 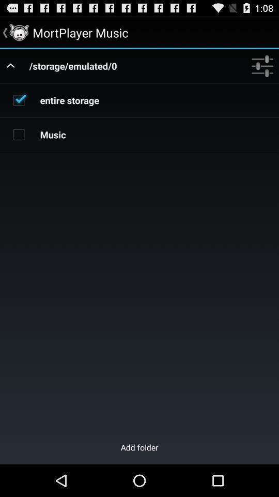 What do you see at coordinates (19, 100) in the screenshot?
I see `entire storage` at bounding box center [19, 100].